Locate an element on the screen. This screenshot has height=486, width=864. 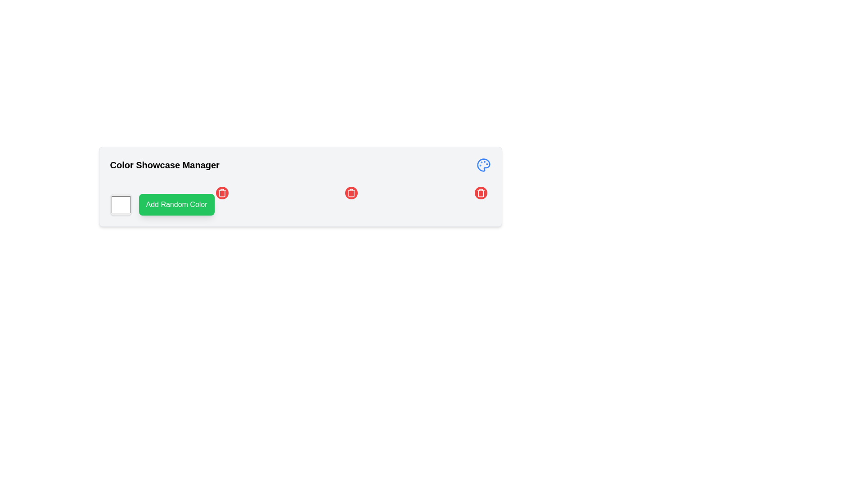
the trash bin icon button with a red circular background is located at coordinates (222, 192).